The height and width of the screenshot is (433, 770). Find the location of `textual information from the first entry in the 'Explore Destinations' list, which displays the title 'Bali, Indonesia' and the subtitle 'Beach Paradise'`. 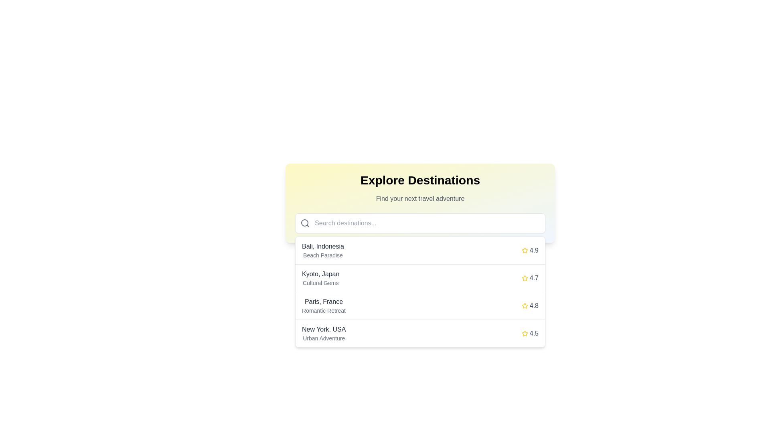

textual information from the first entry in the 'Explore Destinations' list, which displays the title 'Bali, Indonesia' and the subtitle 'Beach Paradise' is located at coordinates (323, 250).